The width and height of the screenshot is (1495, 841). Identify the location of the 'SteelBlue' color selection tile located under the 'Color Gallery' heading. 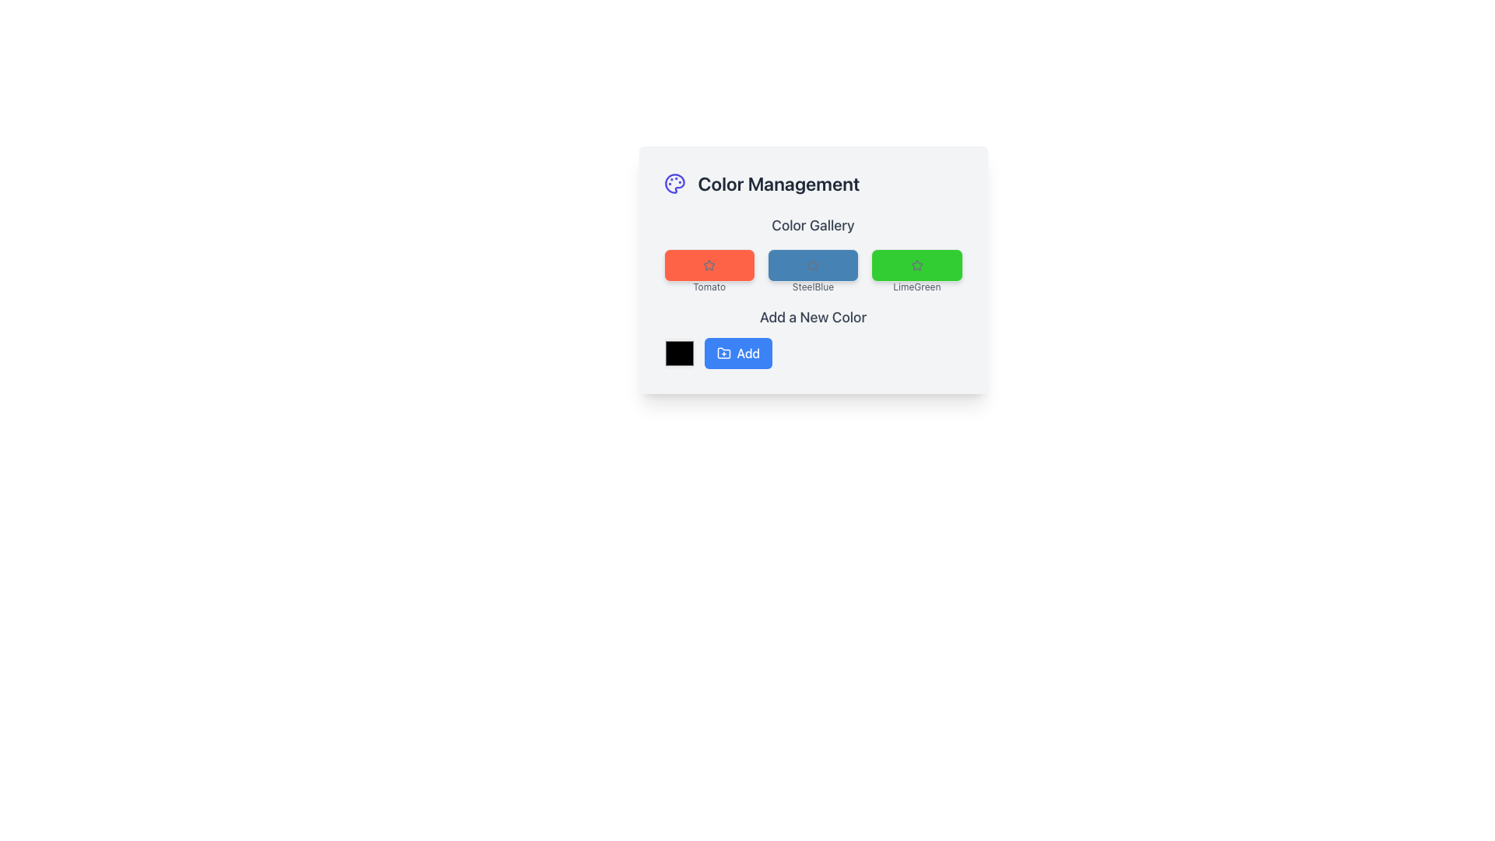
(812, 291).